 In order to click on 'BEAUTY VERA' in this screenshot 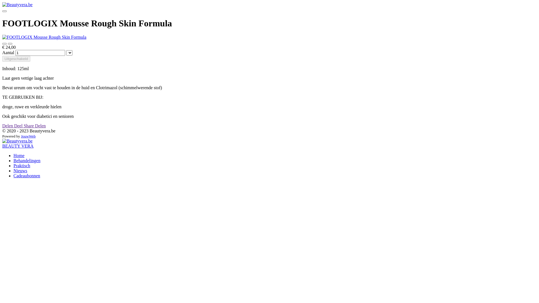, I will do `click(18, 146)`.